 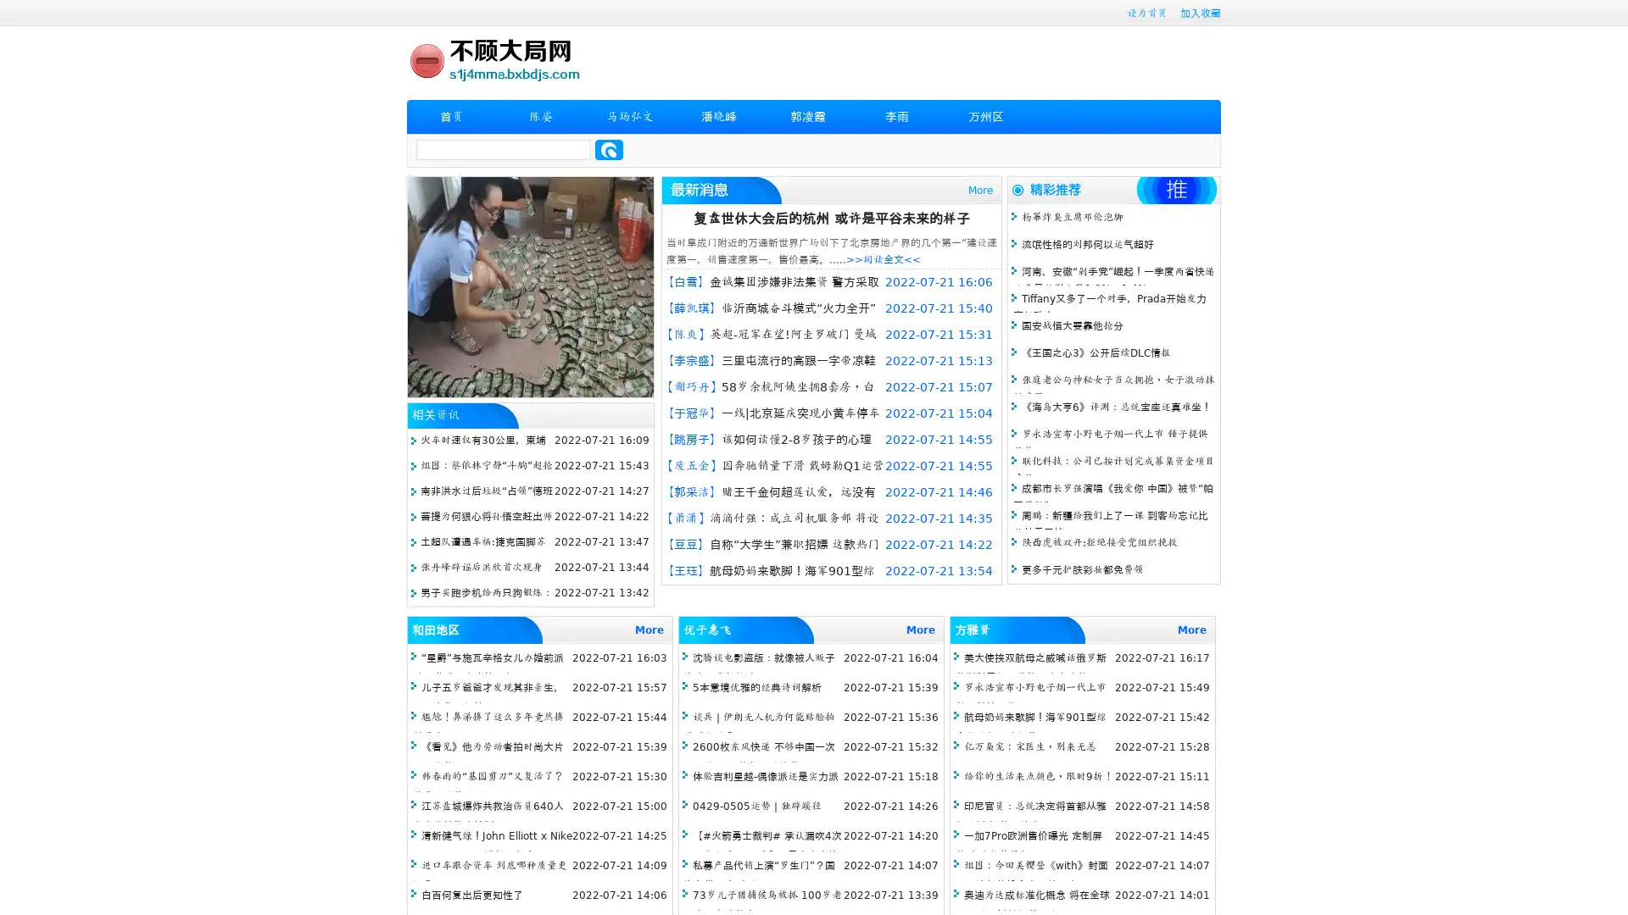 I want to click on Search, so click(x=609, y=149).